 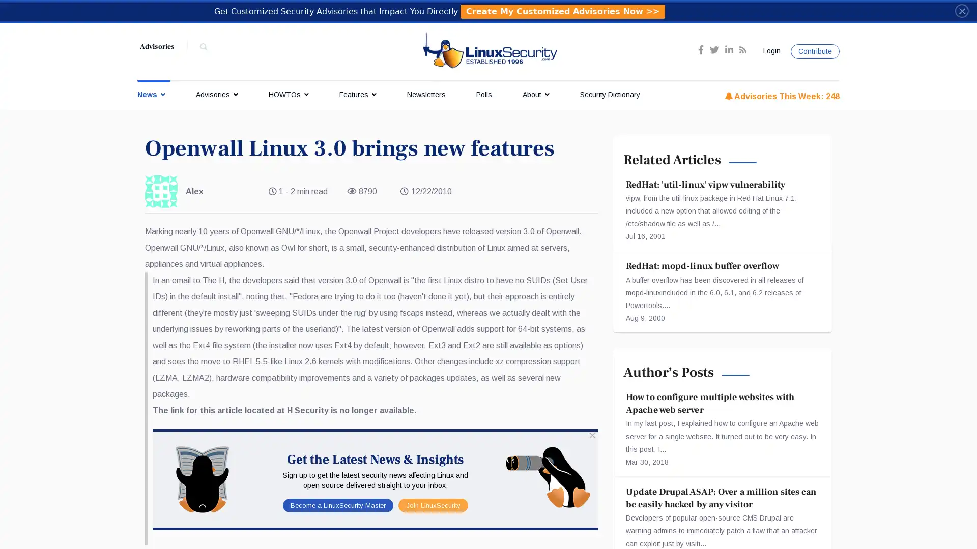 I want to click on Close, so click(x=961, y=10).